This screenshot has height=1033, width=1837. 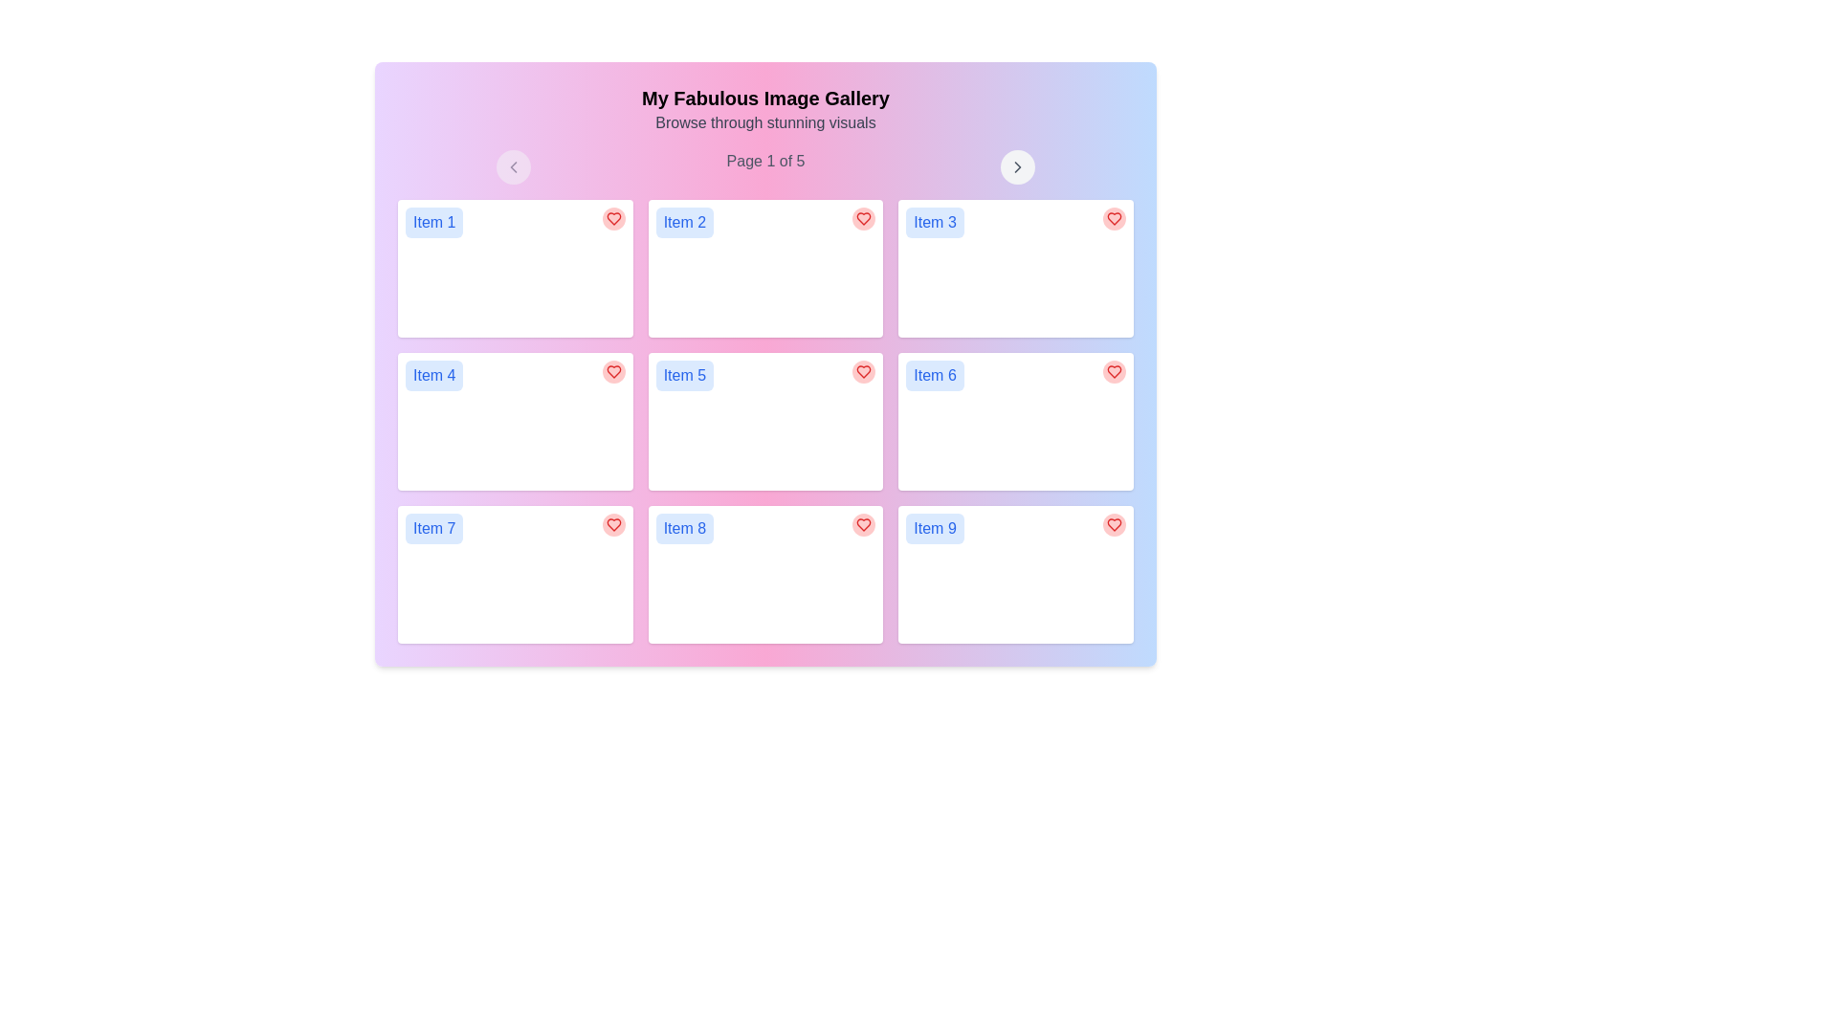 What do you see at coordinates (765, 420) in the screenshot?
I see `an item within the grid layout that contains a blue label and a red heart button, located centrally below the title 'My Fabulous Image Gallery'` at bounding box center [765, 420].